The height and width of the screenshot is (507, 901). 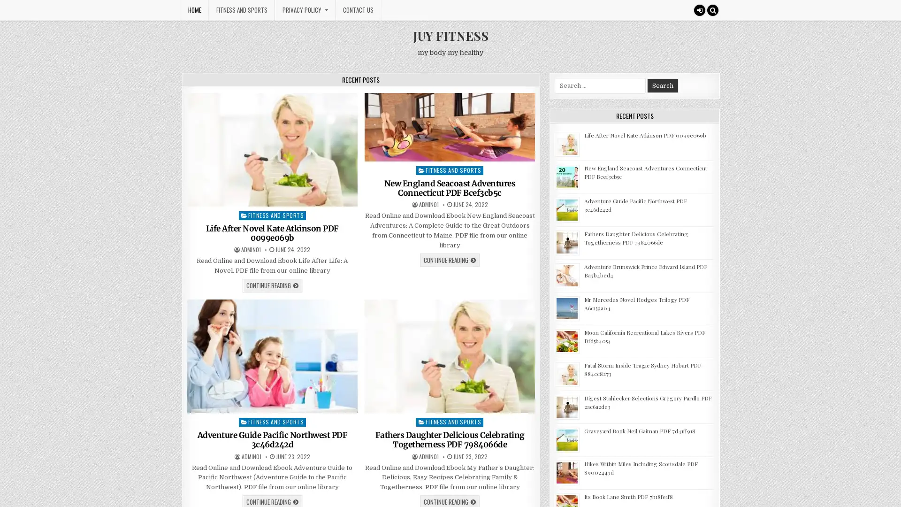 What do you see at coordinates (662, 85) in the screenshot?
I see `Search` at bounding box center [662, 85].